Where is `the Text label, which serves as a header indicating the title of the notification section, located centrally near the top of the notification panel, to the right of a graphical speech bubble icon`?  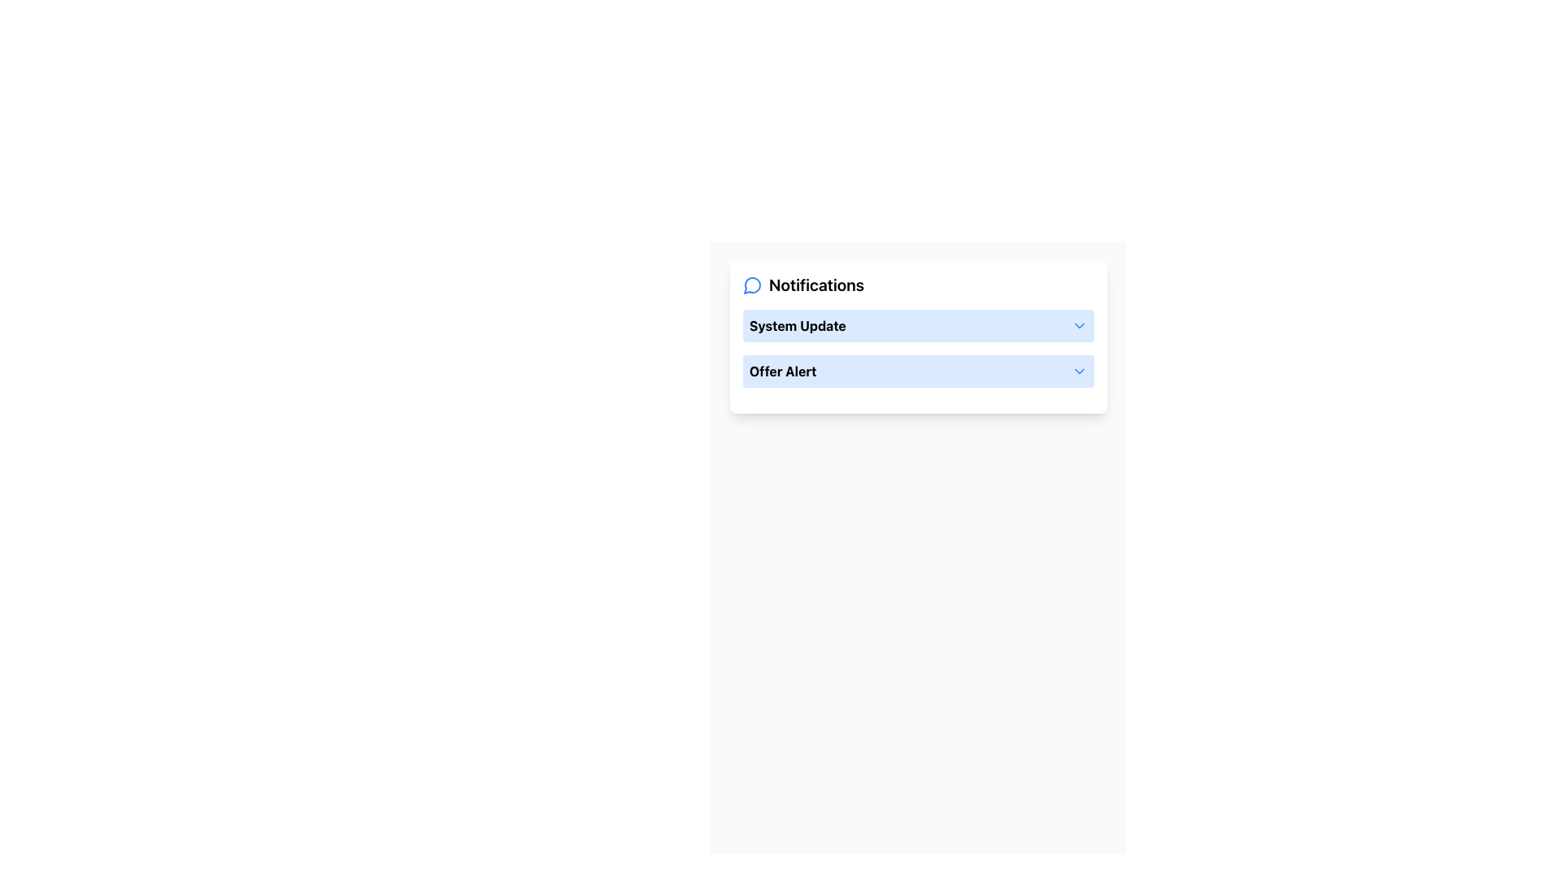
the Text label, which serves as a header indicating the title of the notification section, located centrally near the top of the notification panel, to the right of a graphical speech bubble icon is located at coordinates (816, 285).